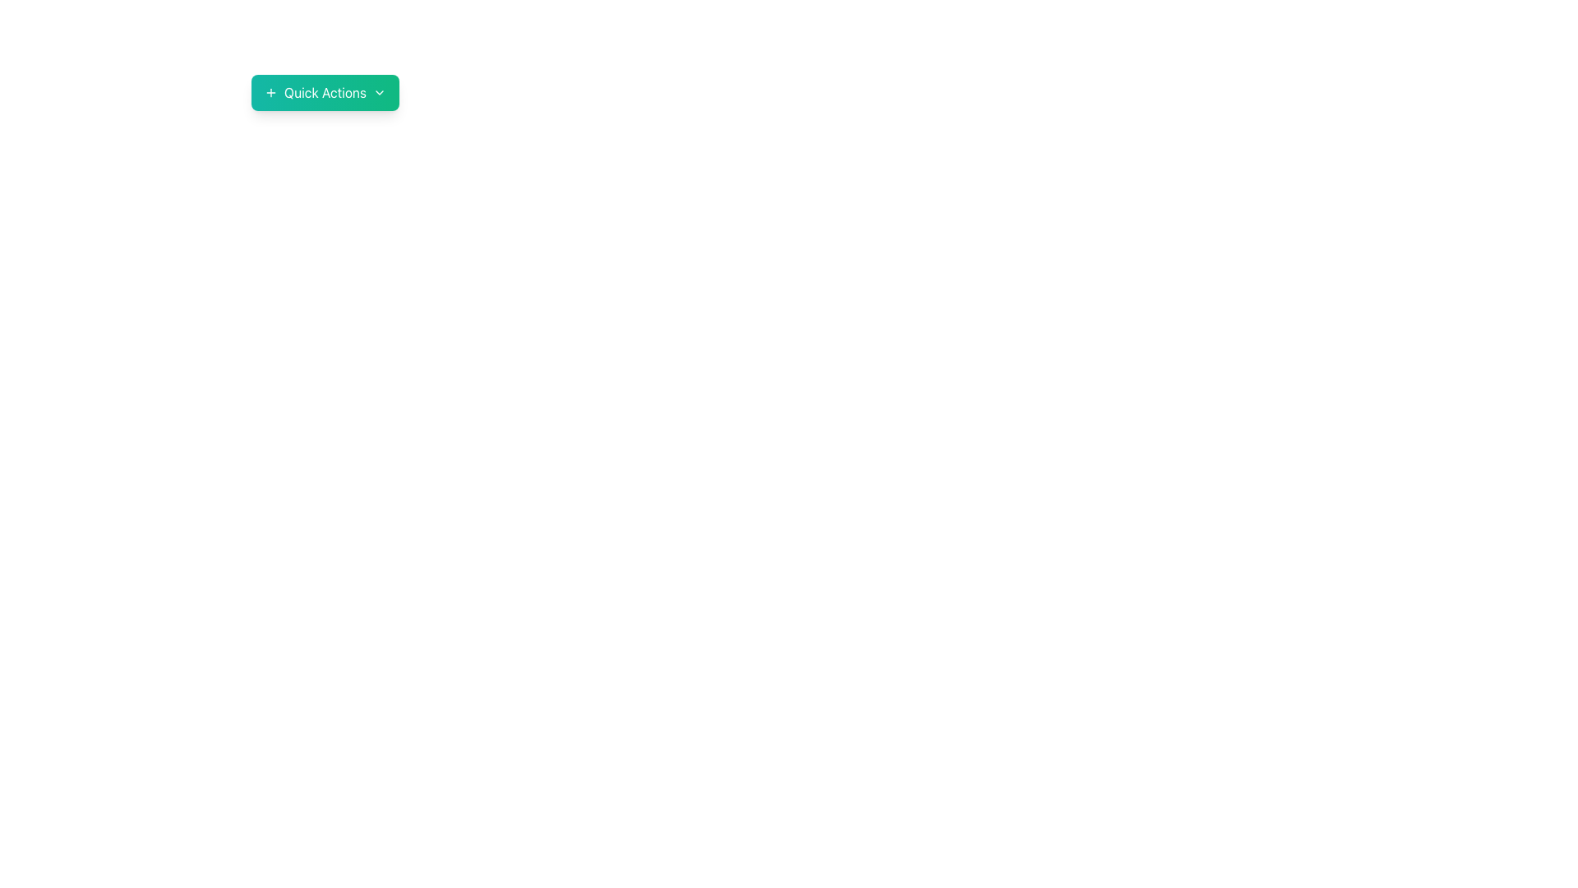 This screenshot has width=1578, height=888. Describe the element at coordinates (325, 92) in the screenshot. I see `the text element that describes the 'Quick Actions' button, which is centrally located between a plus icon and a downward-facing chevron` at that location.